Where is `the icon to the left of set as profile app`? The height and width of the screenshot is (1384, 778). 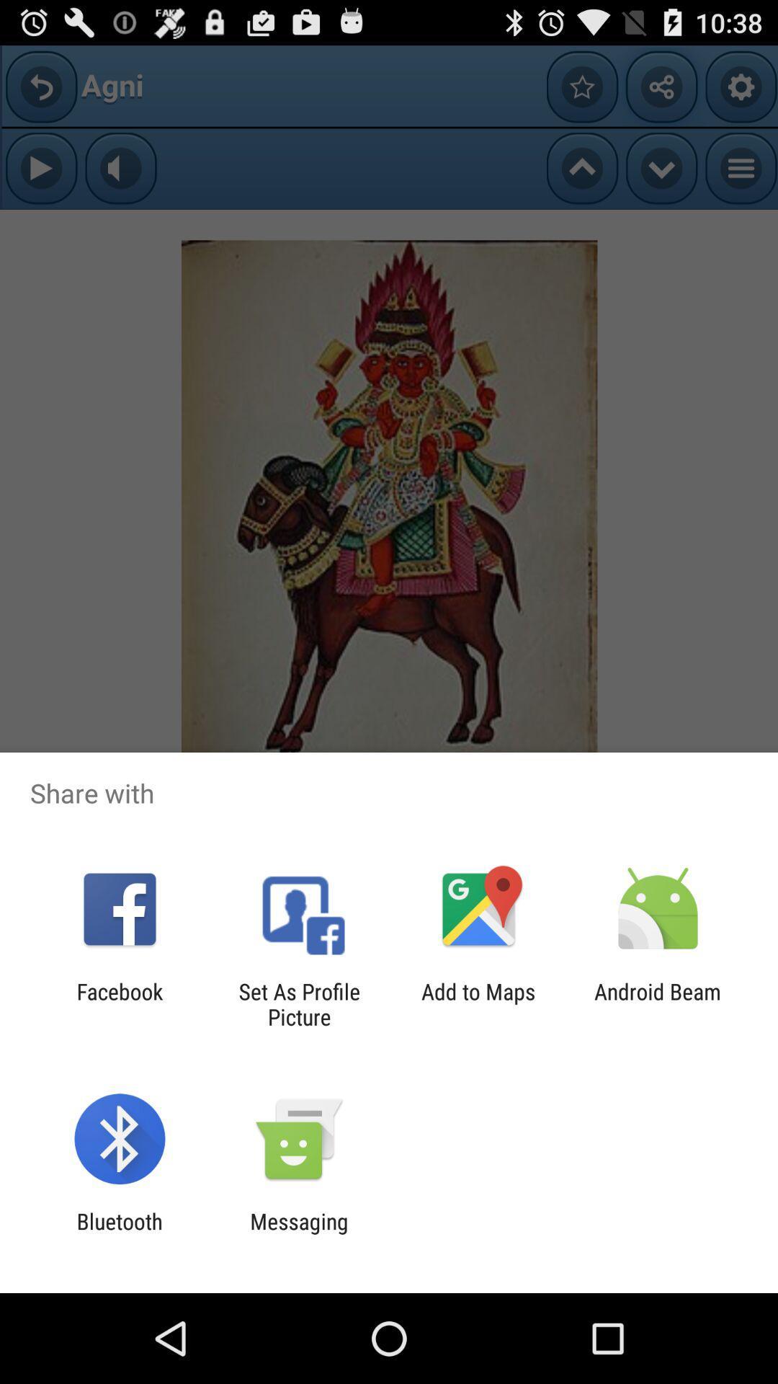
the icon to the left of set as profile app is located at coordinates (119, 1003).